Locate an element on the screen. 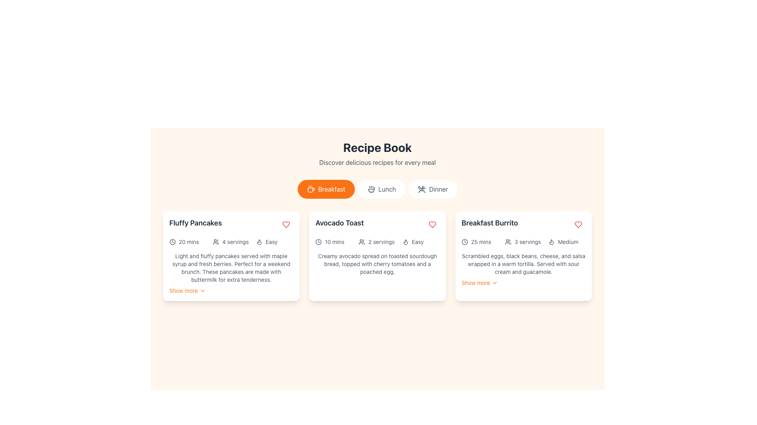  the downward-facing chevron icon located near the 'Show more' text for visual feedback is located at coordinates (202, 291).